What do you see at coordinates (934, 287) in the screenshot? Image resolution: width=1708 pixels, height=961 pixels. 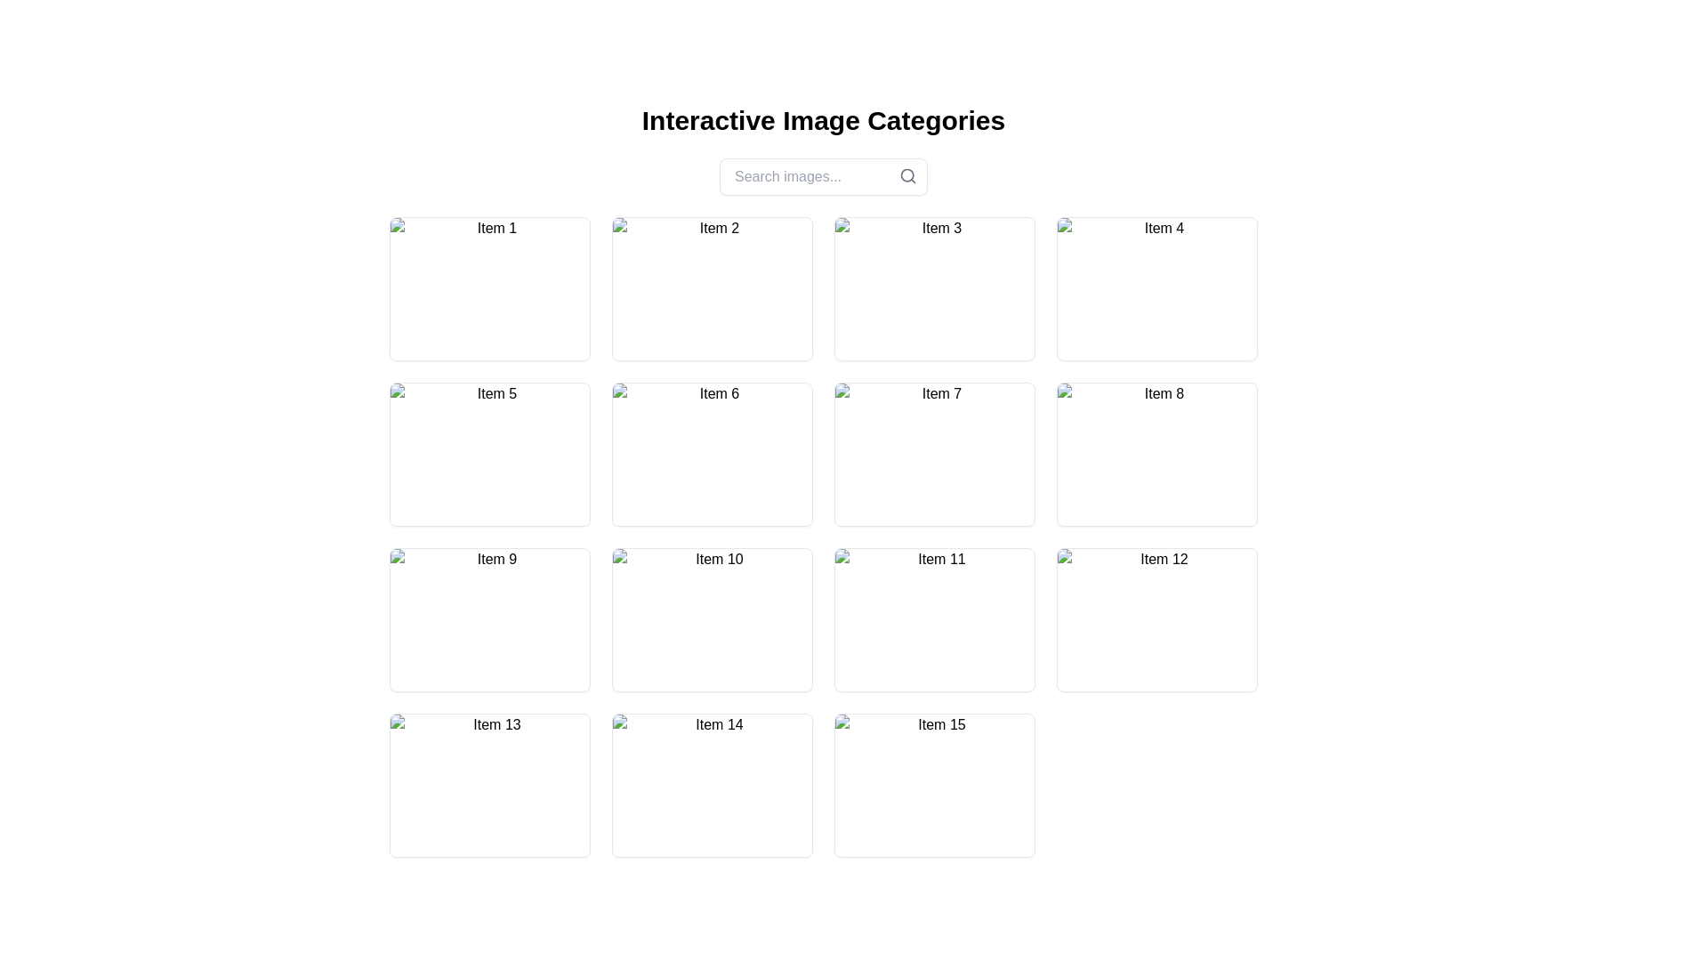 I see `the image representing 'Item 3', located in the top row of a grid layout, third from the left, to understand the category or content it represents` at bounding box center [934, 287].